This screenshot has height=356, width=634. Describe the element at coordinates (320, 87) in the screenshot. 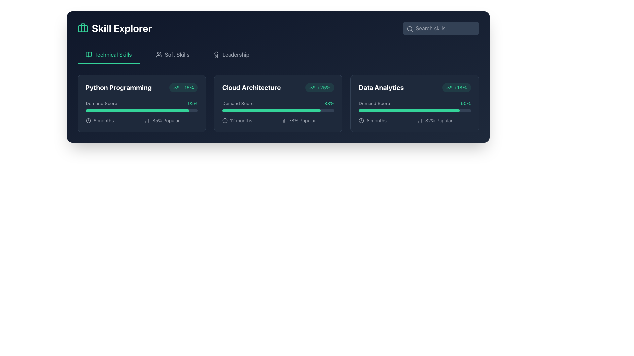

I see `the compact, pill-shaped badge with a soft green background displaying a '+' prefix and '25%', located in the top-right corner of the 'Cloud Architecture' section` at that location.